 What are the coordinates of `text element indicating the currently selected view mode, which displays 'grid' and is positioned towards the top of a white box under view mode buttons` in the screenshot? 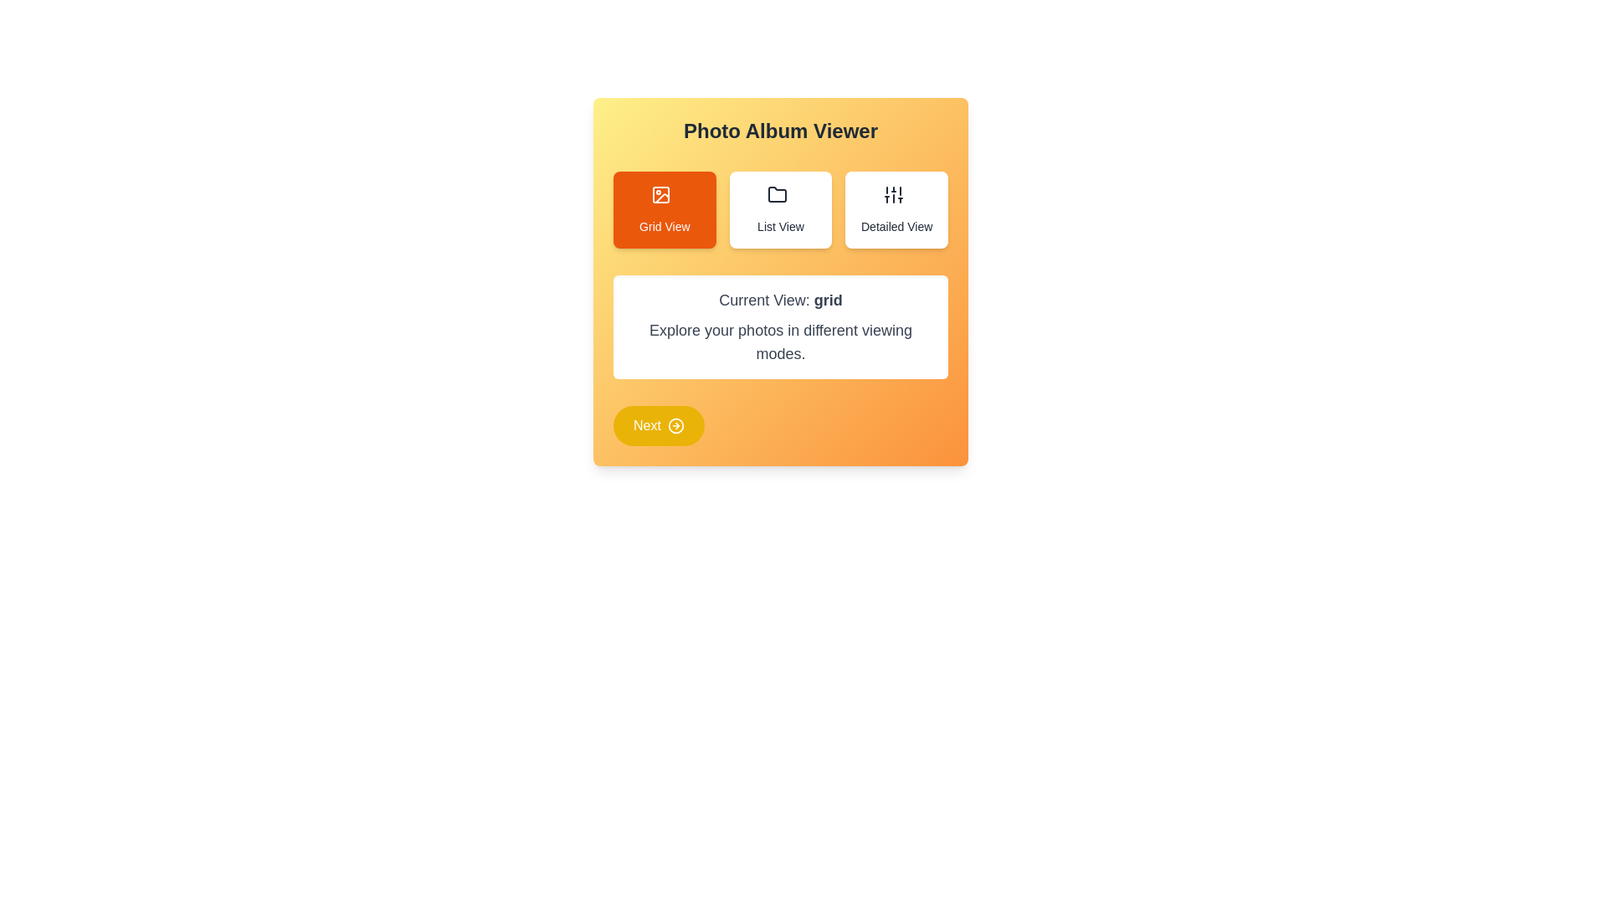 It's located at (779, 299).